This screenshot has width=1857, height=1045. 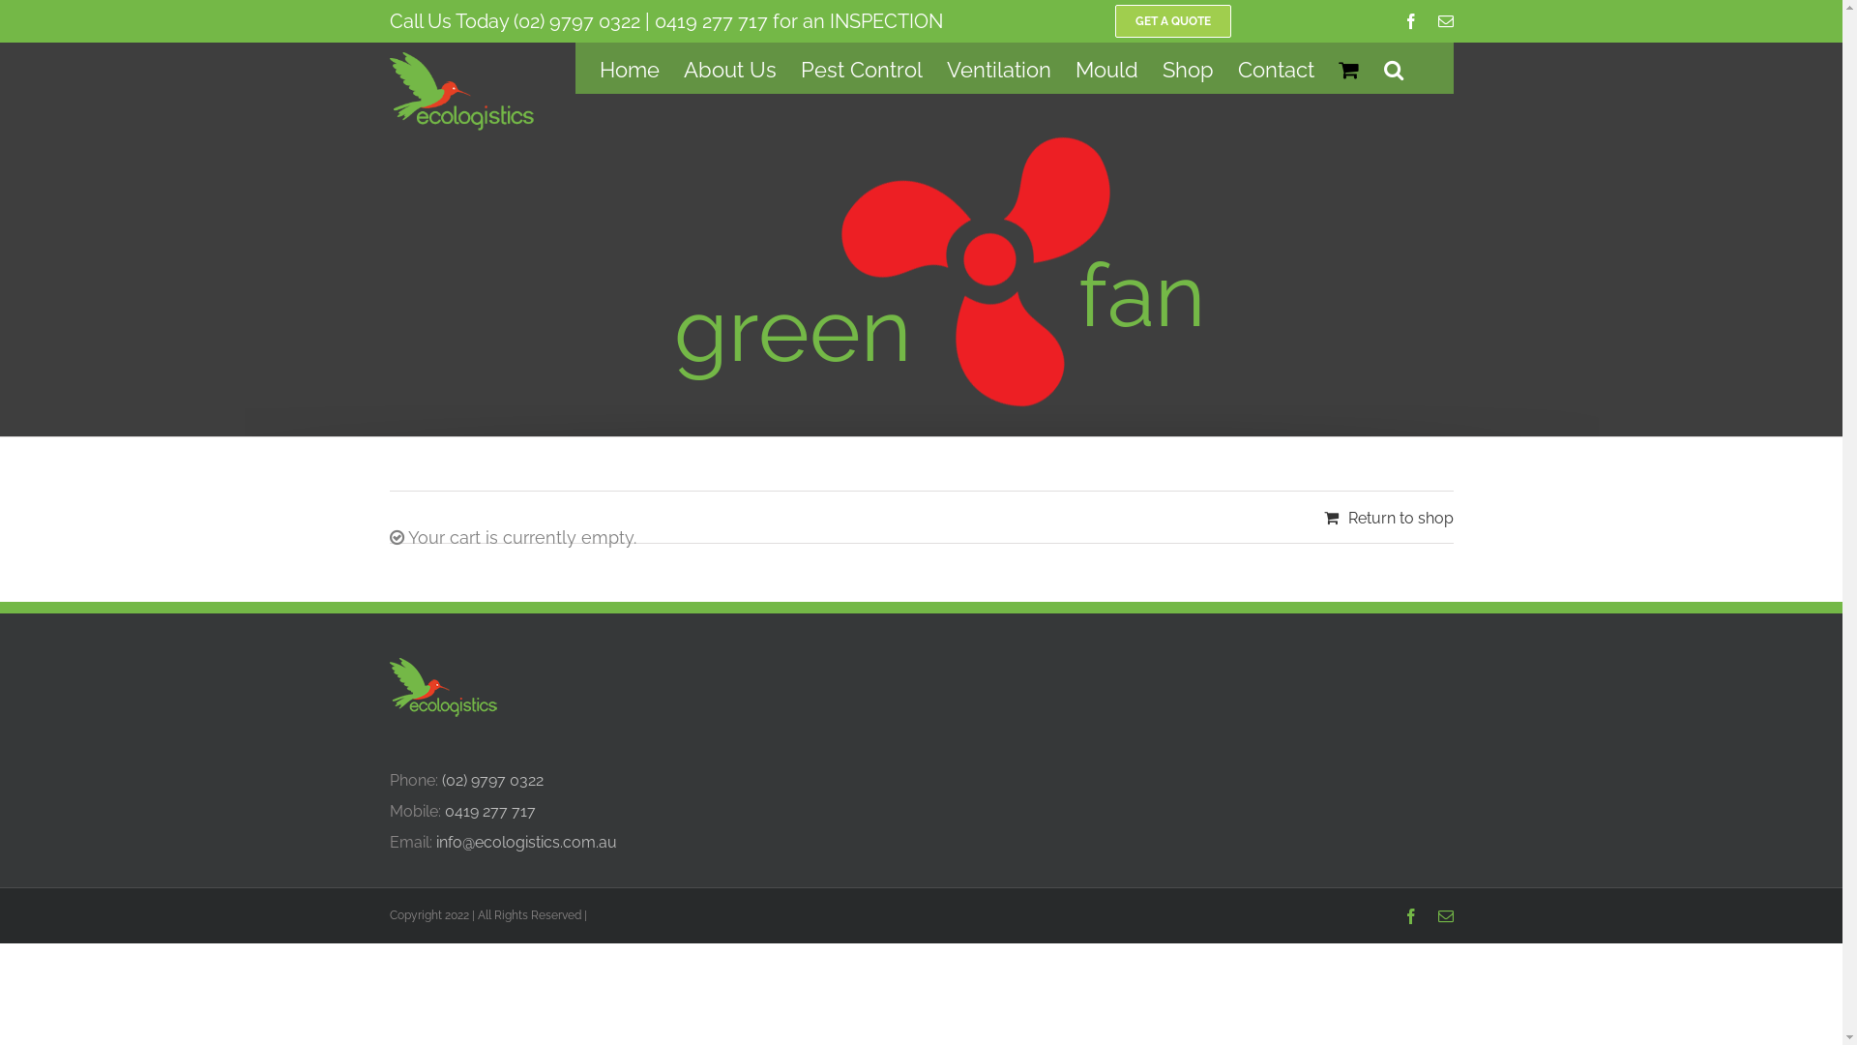 I want to click on 'About Us', so click(x=727, y=67).